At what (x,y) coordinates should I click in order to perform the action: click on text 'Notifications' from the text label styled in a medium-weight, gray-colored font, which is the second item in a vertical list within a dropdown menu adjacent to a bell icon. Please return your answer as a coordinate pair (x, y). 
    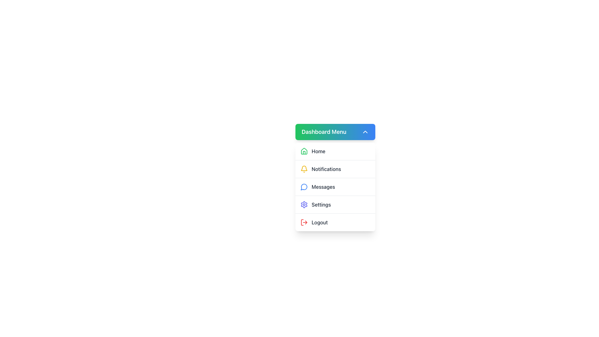
    Looking at the image, I should click on (326, 169).